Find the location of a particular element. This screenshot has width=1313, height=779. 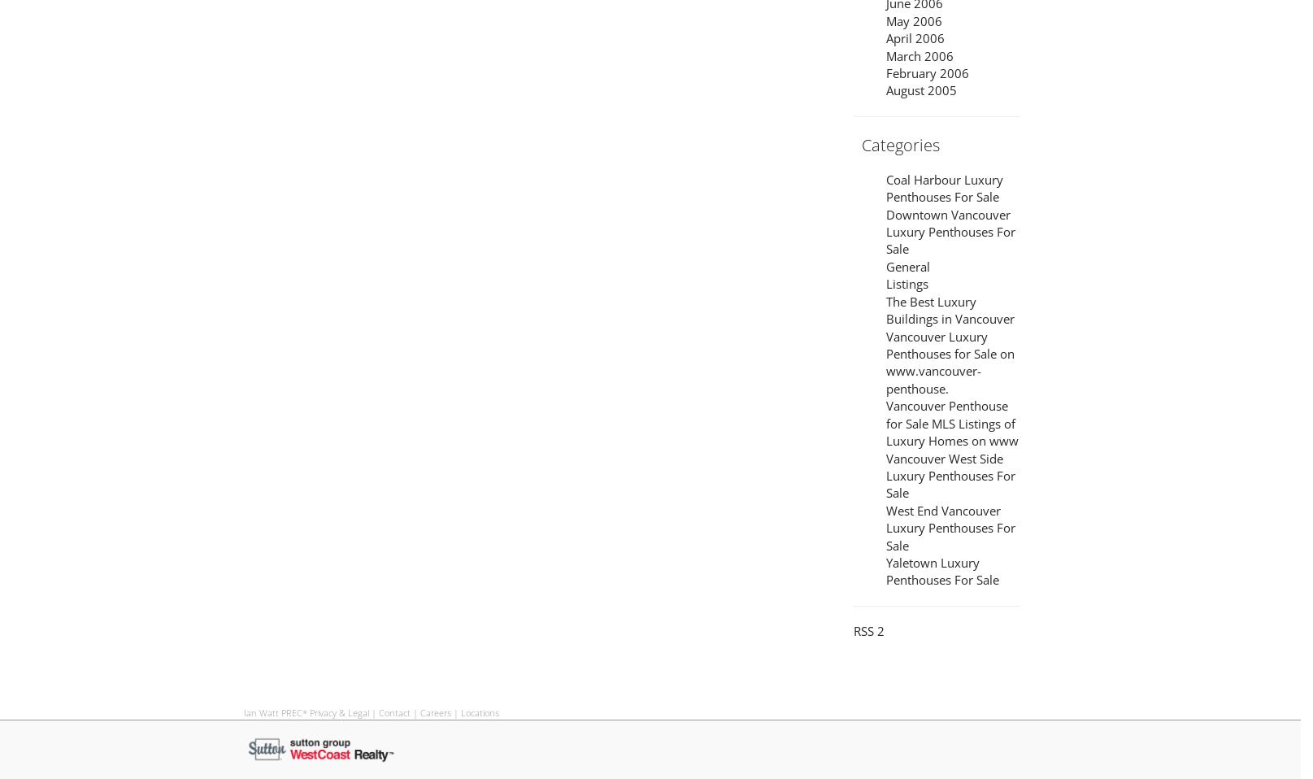

'Downtown Vancouver Luxury Penthouses For Sale' is located at coordinates (950, 231).